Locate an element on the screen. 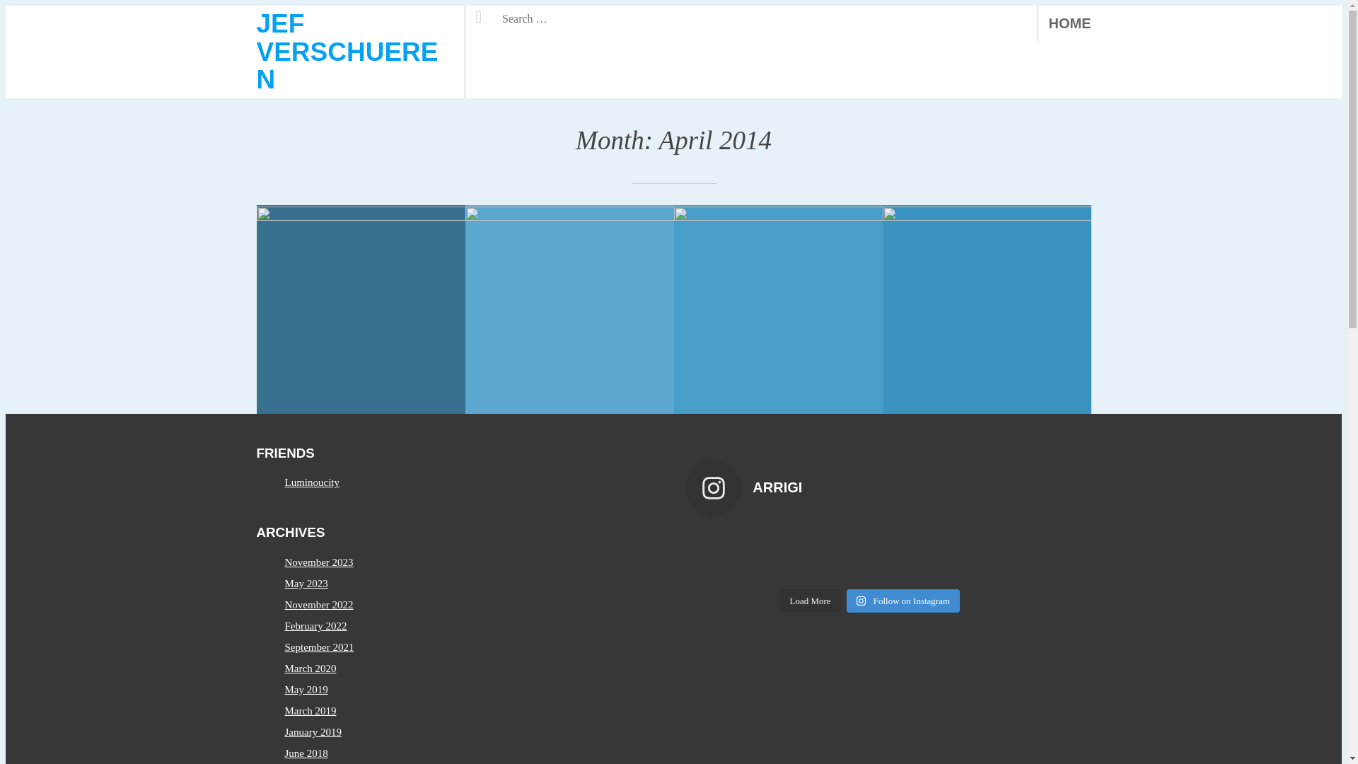 This screenshot has height=764, width=1358. 'HOME' is located at coordinates (1069, 23).